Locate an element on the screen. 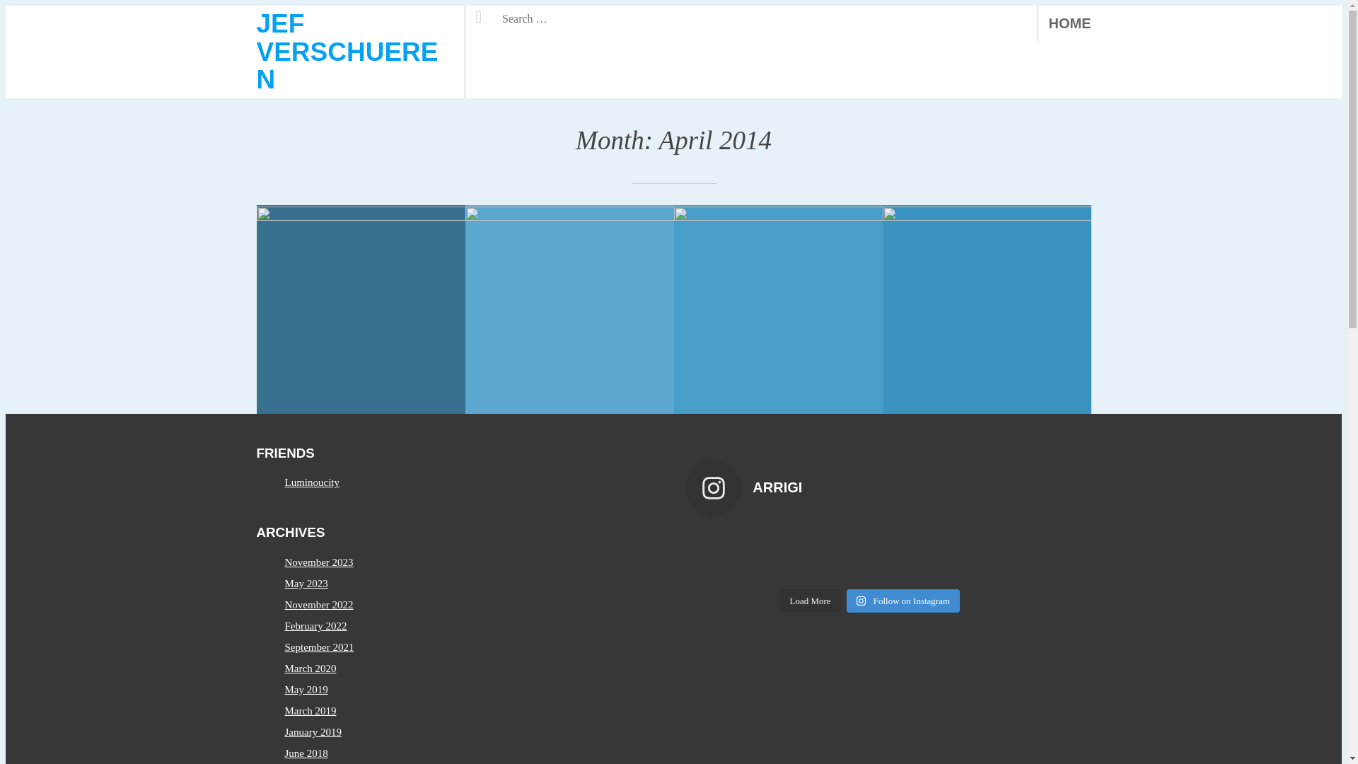 This screenshot has height=764, width=1358. 'HOME' is located at coordinates (1069, 23).